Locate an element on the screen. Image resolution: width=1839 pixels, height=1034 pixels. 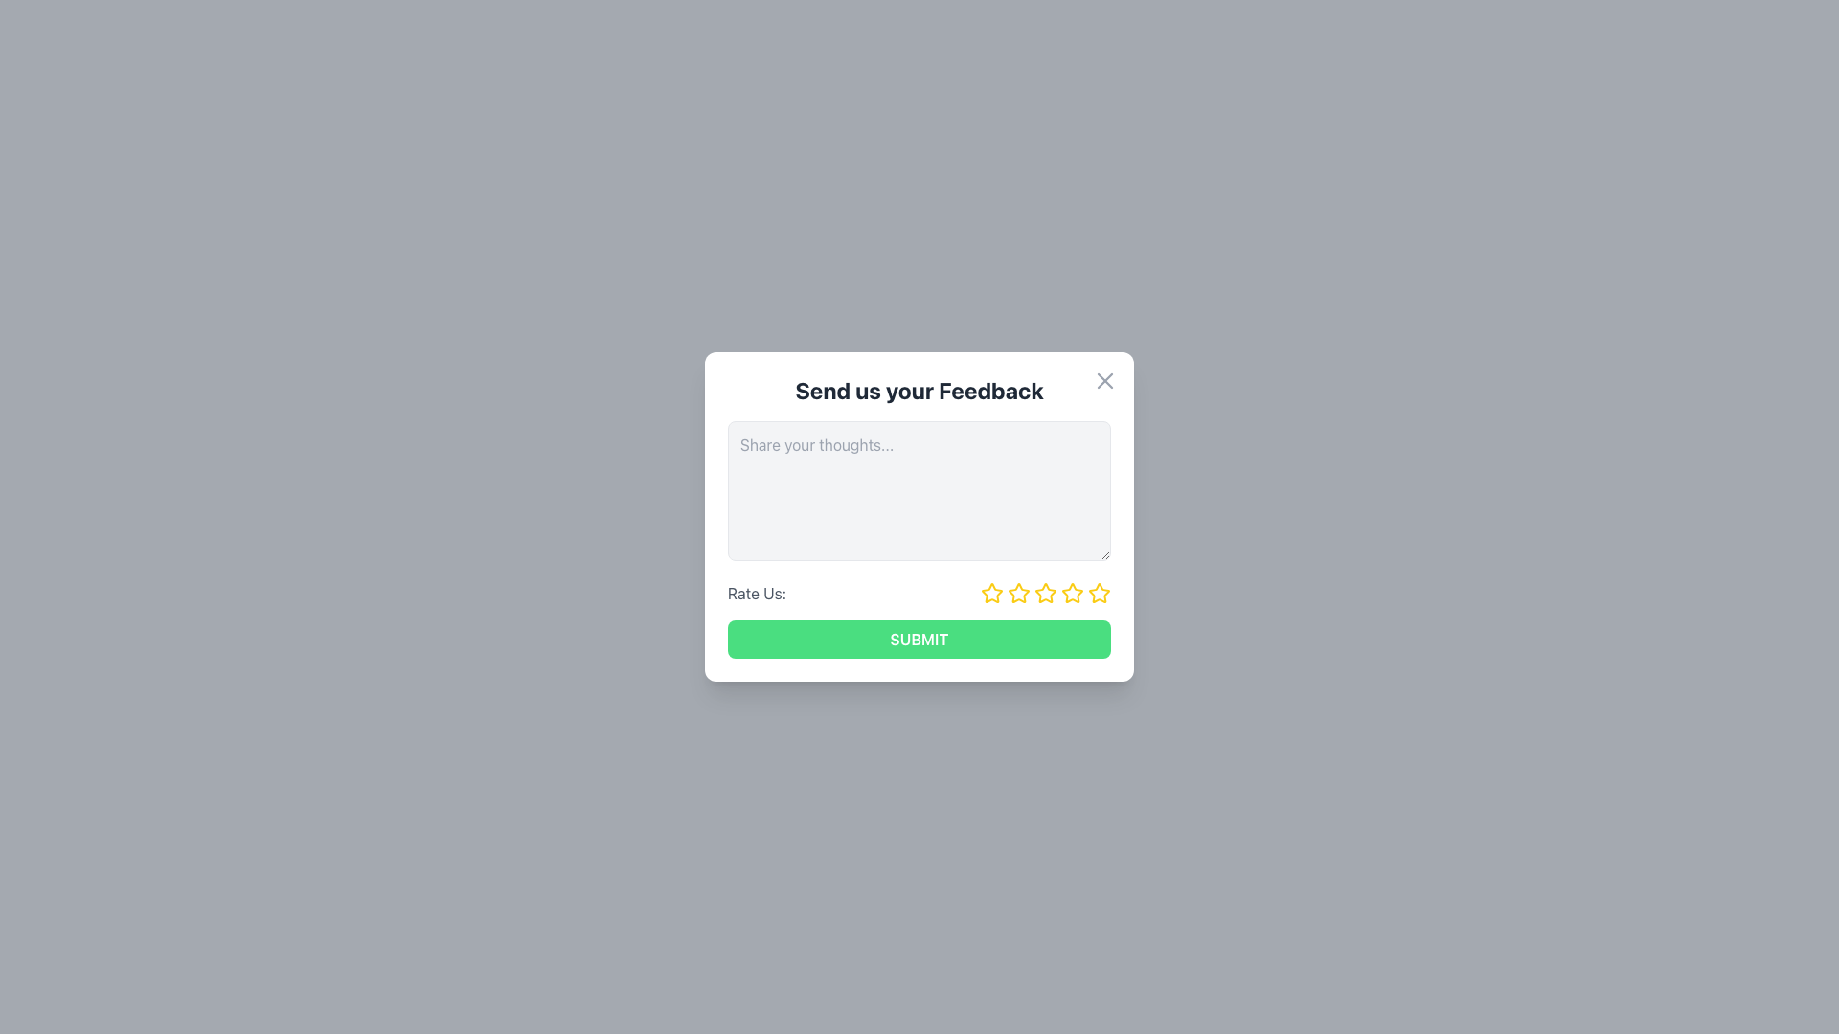
the fifth star in the rating system located at the lower-right section of the feedback form labeled 'Rate Us' is located at coordinates (1099, 593).